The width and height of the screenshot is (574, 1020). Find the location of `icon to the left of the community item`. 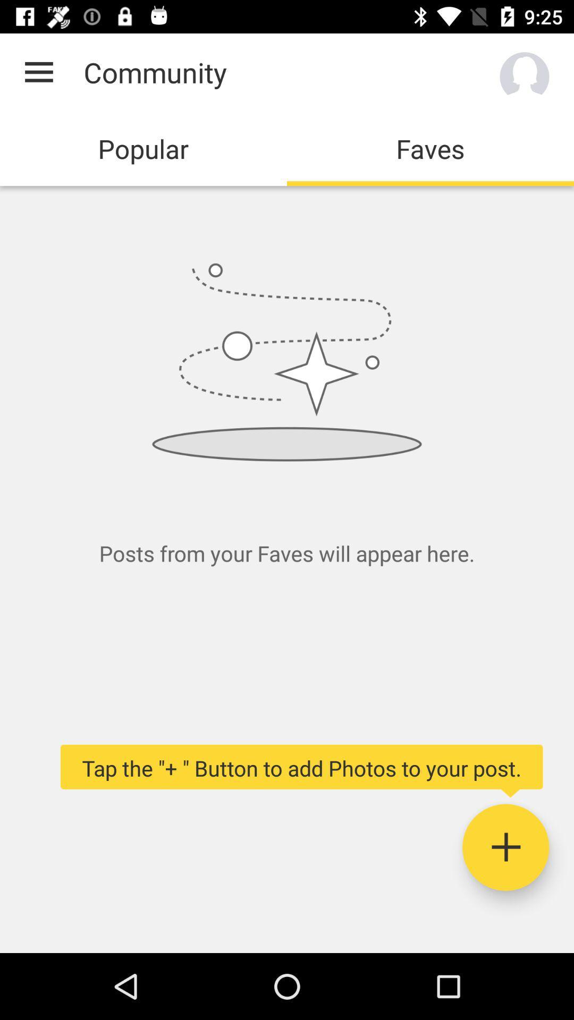

icon to the left of the community item is located at coordinates (38, 72).